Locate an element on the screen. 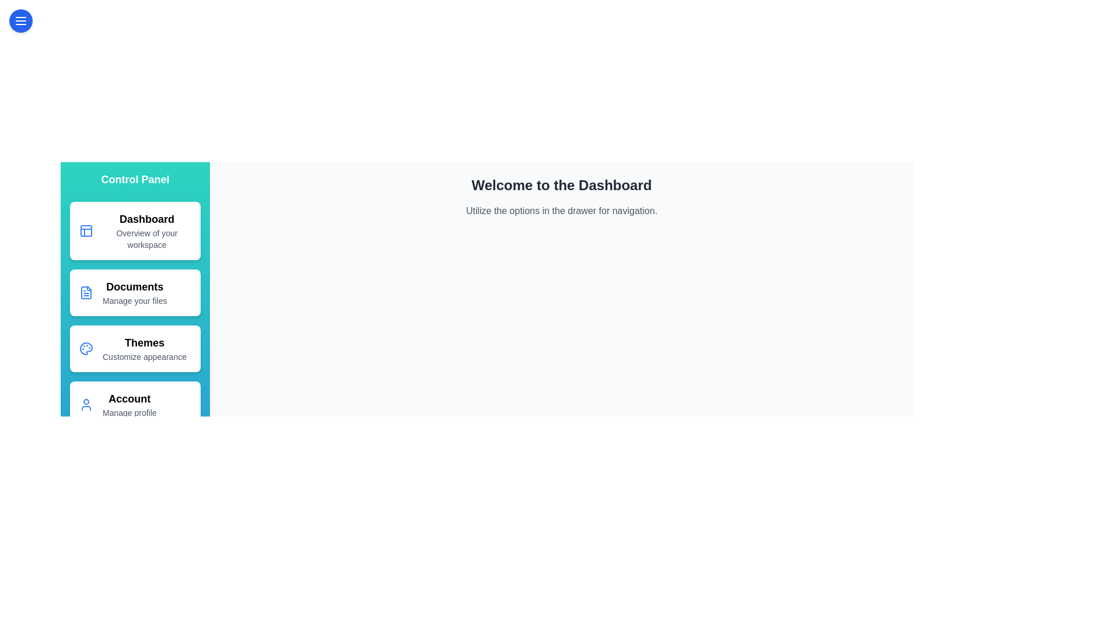  the drawer option corresponding to Themes to navigate to that section is located at coordinates (135, 348).